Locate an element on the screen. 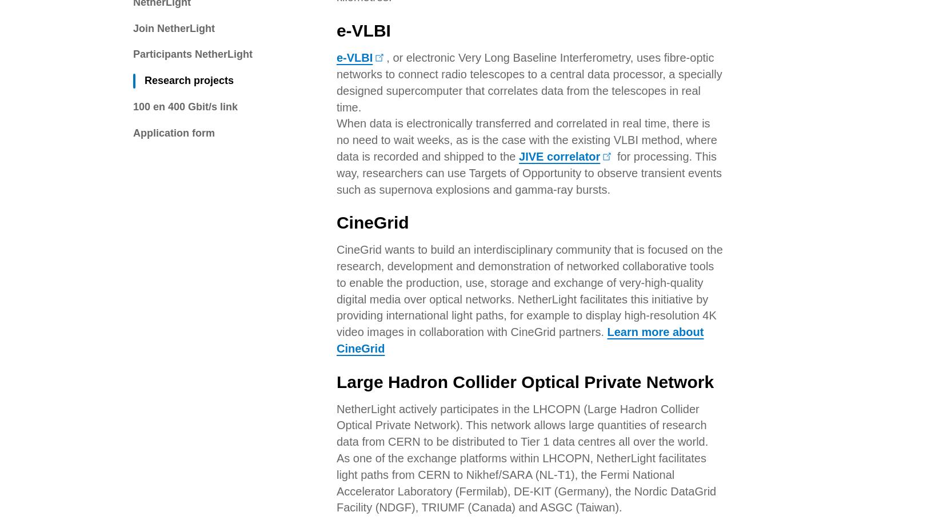 This screenshot has width=943, height=520. 'As one of the exchange platforms within LHCOPN, NetherLight facilitates light paths from CERN to Nikhef/SARA (NL-T1), the Fermi National Accelerator Laboratory (Fermilab), DE-KIT (Germany), the Nordic DataGrid Facility (NDGF), TRIUMF (Canada) and ASGC (Taiwan).' is located at coordinates (526, 75).